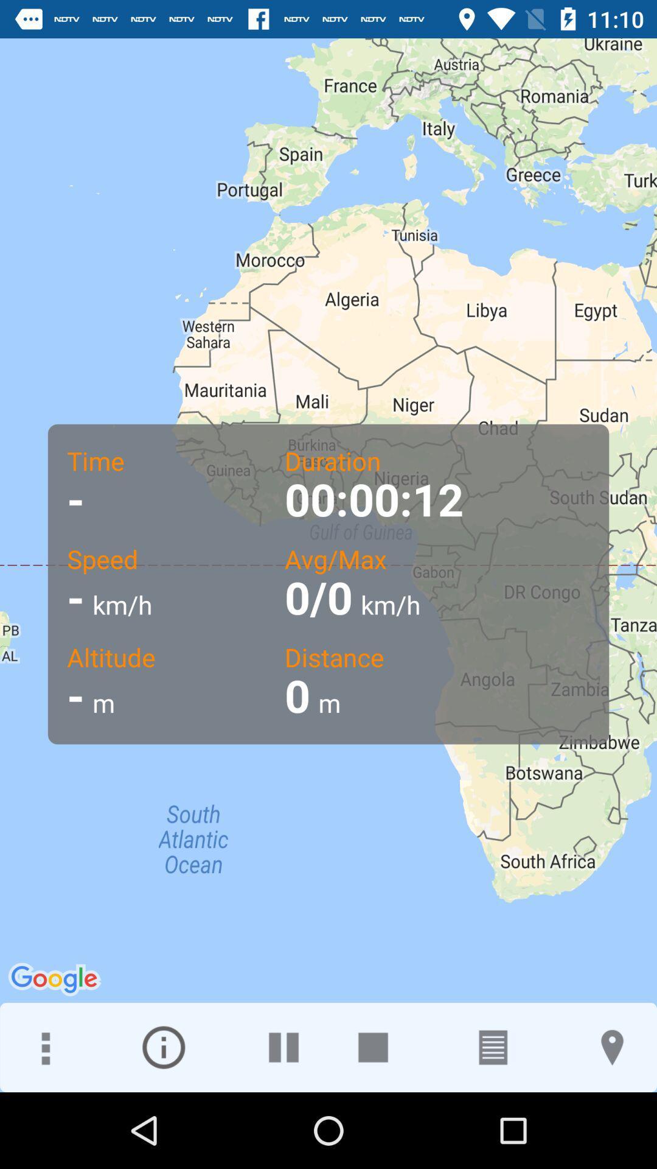 The height and width of the screenshot is (1169, 657). What do you see at coordinates (44, 1047) in the screenshot?
I see `the more icon` at bounding box center [44, 1047].